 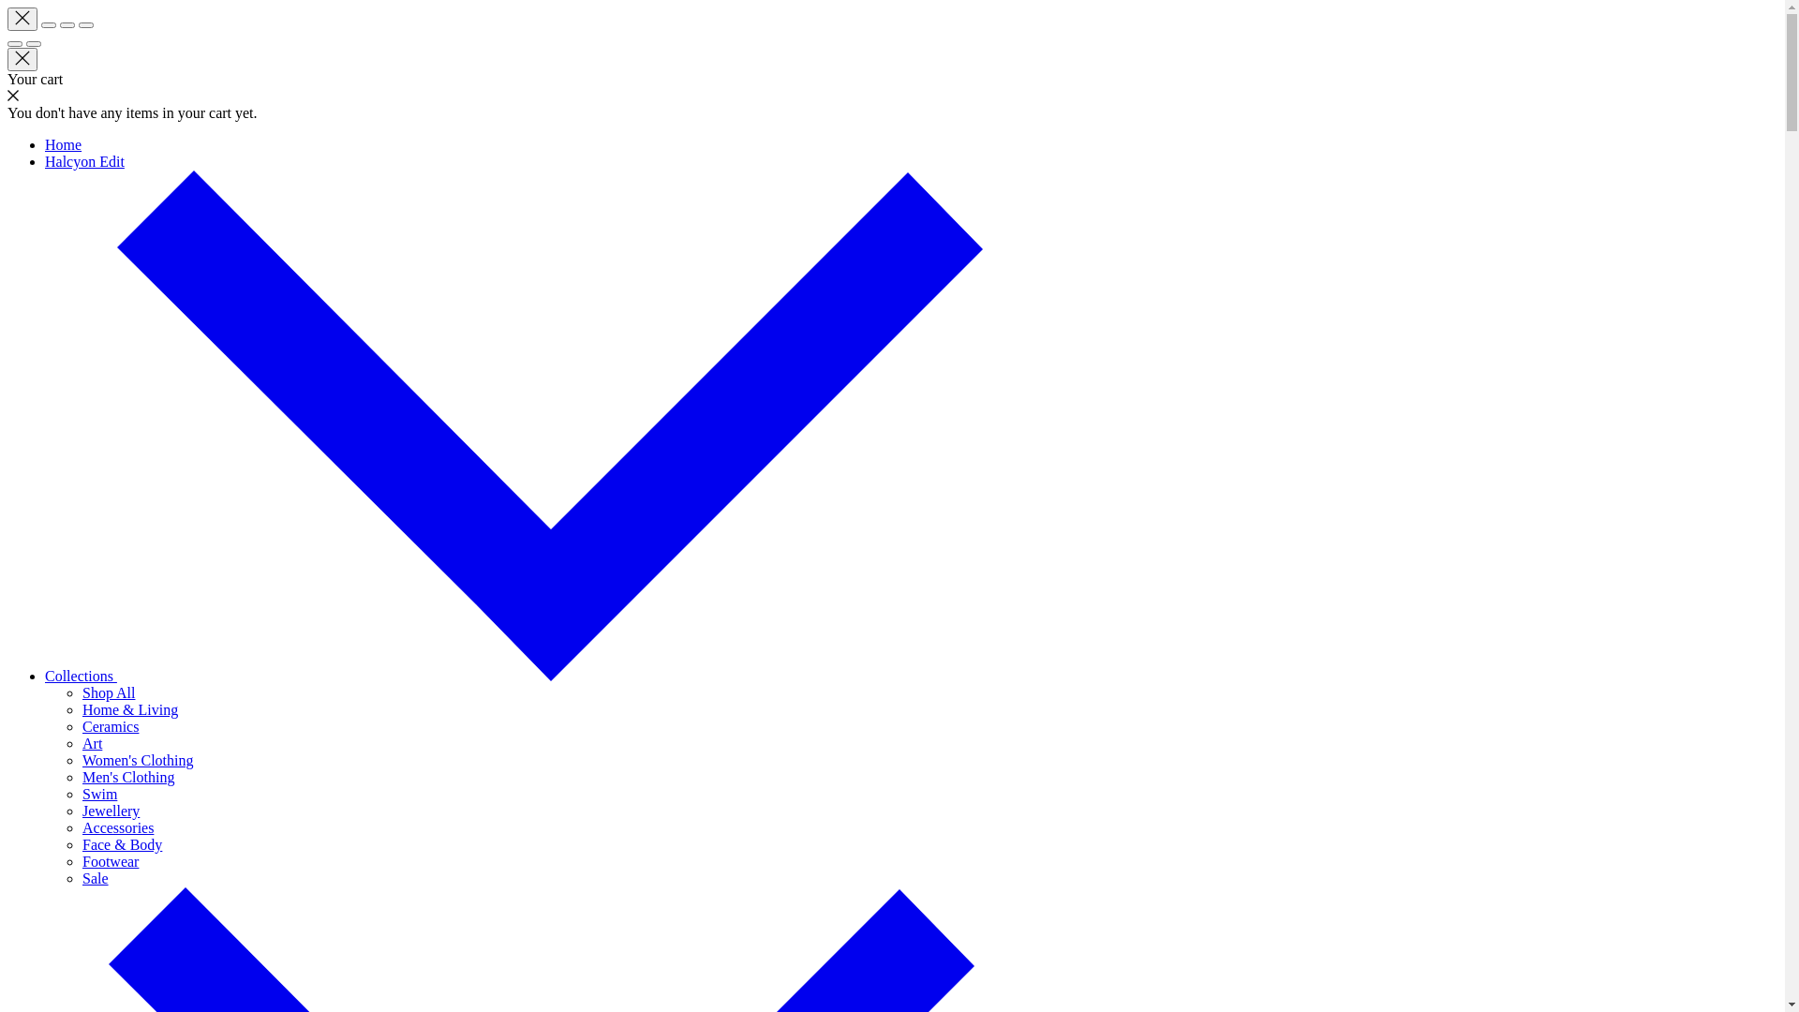 What do you see at coordinates (49, 25) in the screenshot?
I see `'Share'` at bounding box center [49, 25].